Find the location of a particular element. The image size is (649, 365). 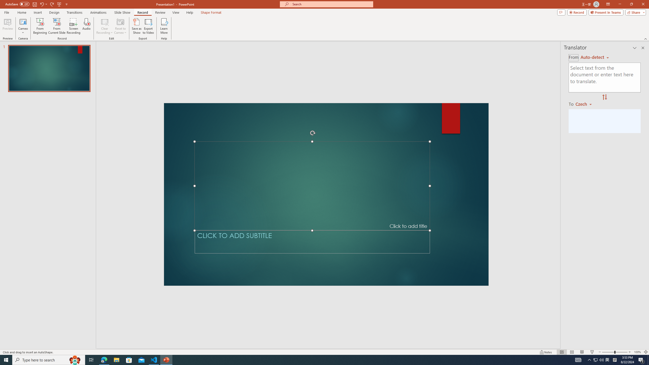

'Ribbon Display Options' is located at coordinates (608, 4).